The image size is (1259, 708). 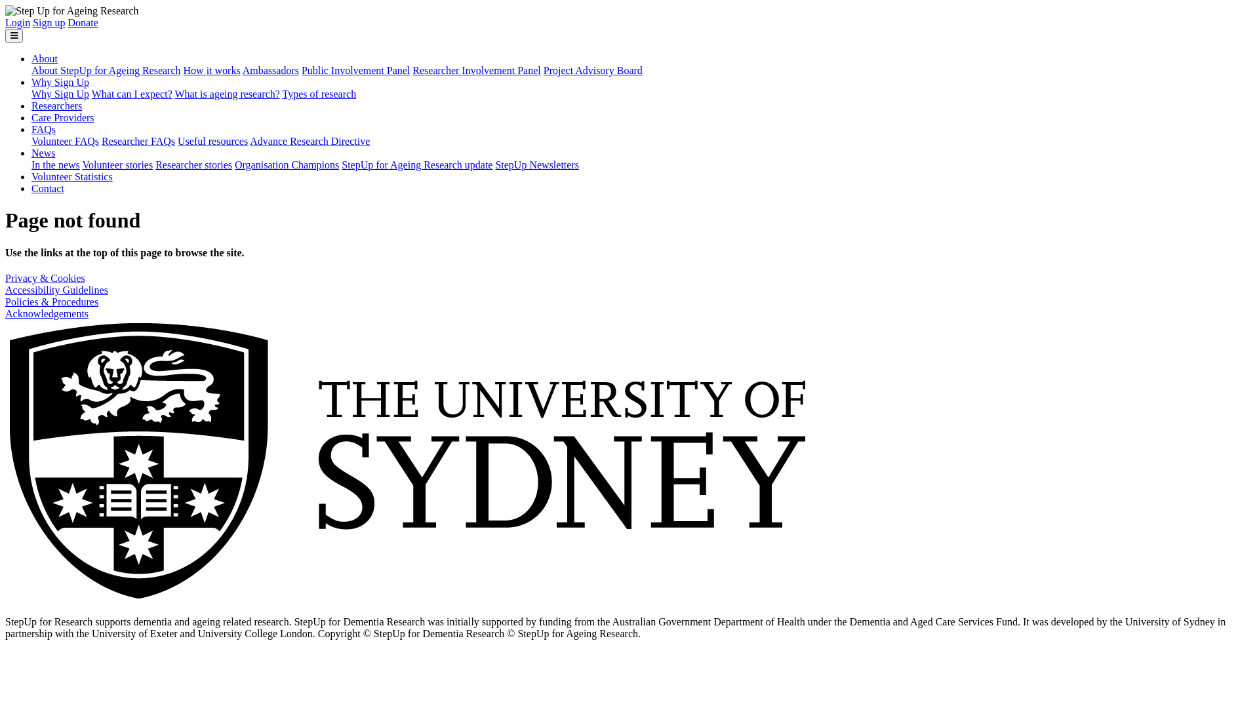 What do you see at coordinates (342, 164) in the screenshot?
I see `'StepUp for Ageing Research update'` at bounding box center [342, 164].